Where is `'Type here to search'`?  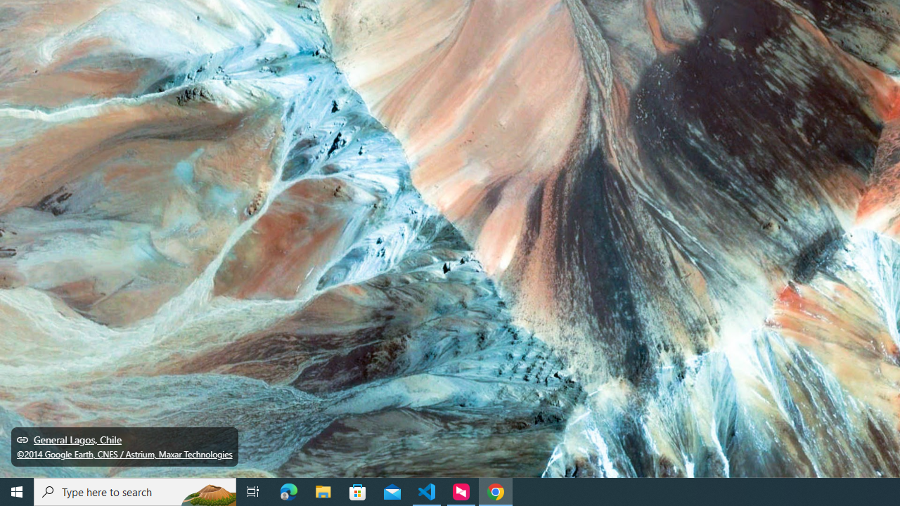 'Type here to search' is located at coordinates (135, 491).